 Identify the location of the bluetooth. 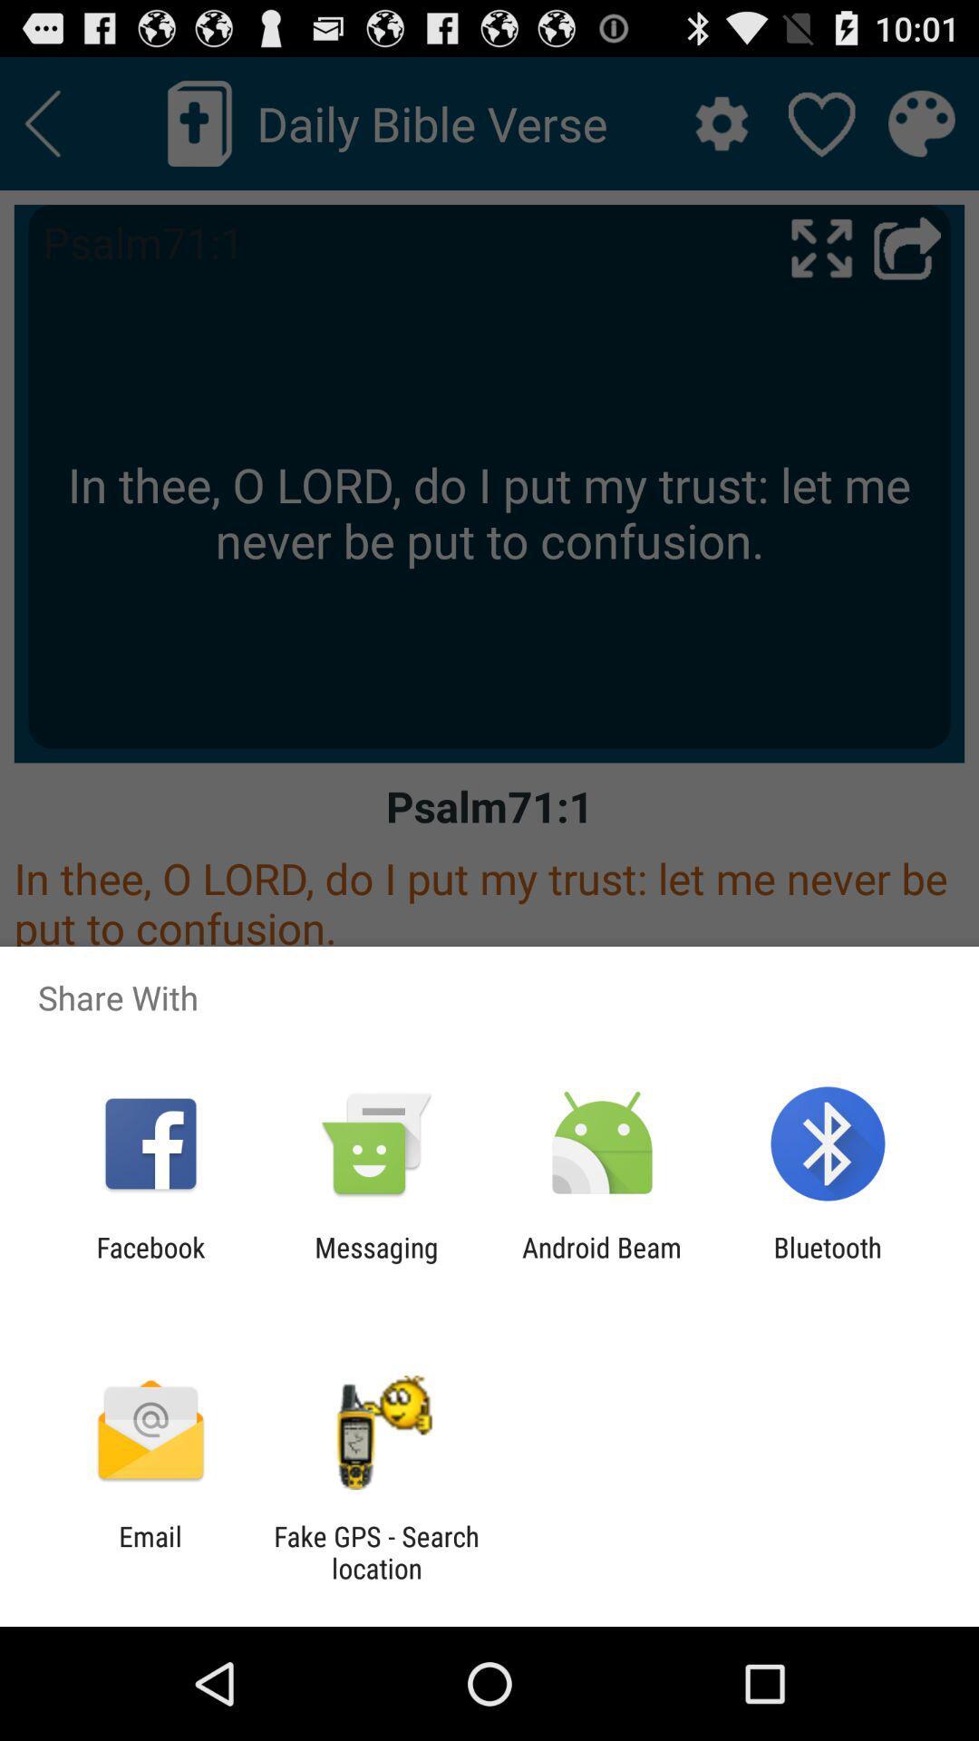
(828, 1262).